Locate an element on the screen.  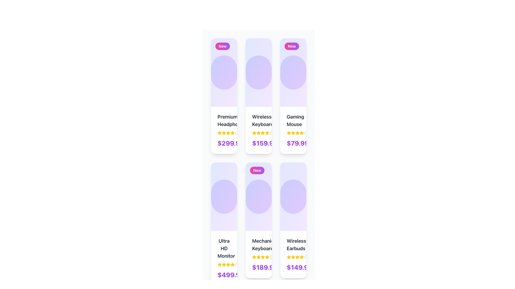
the sixth star icon in the rating row of the 'Mechanical Keyboard' product card, which is filled with yellow and outlined in a darker yellow shade is located at coordinates (267, 257).